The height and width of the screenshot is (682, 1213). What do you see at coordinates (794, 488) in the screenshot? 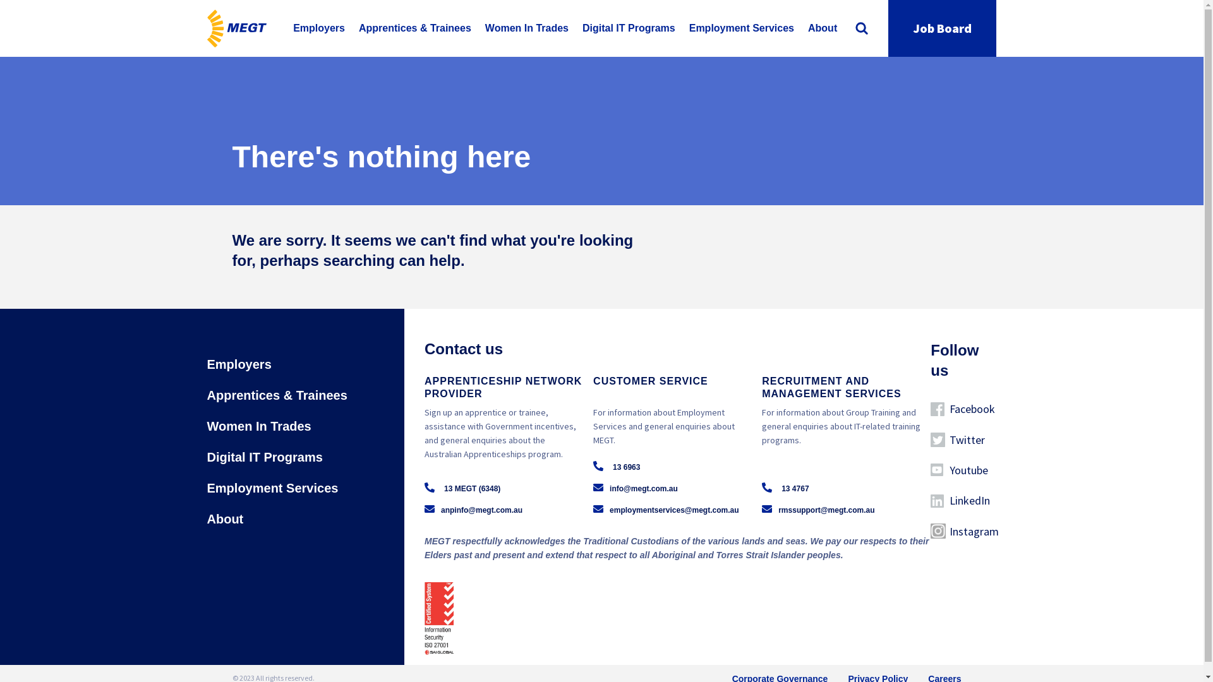
I see `'13 4767'` at bounding box center [794, 488].